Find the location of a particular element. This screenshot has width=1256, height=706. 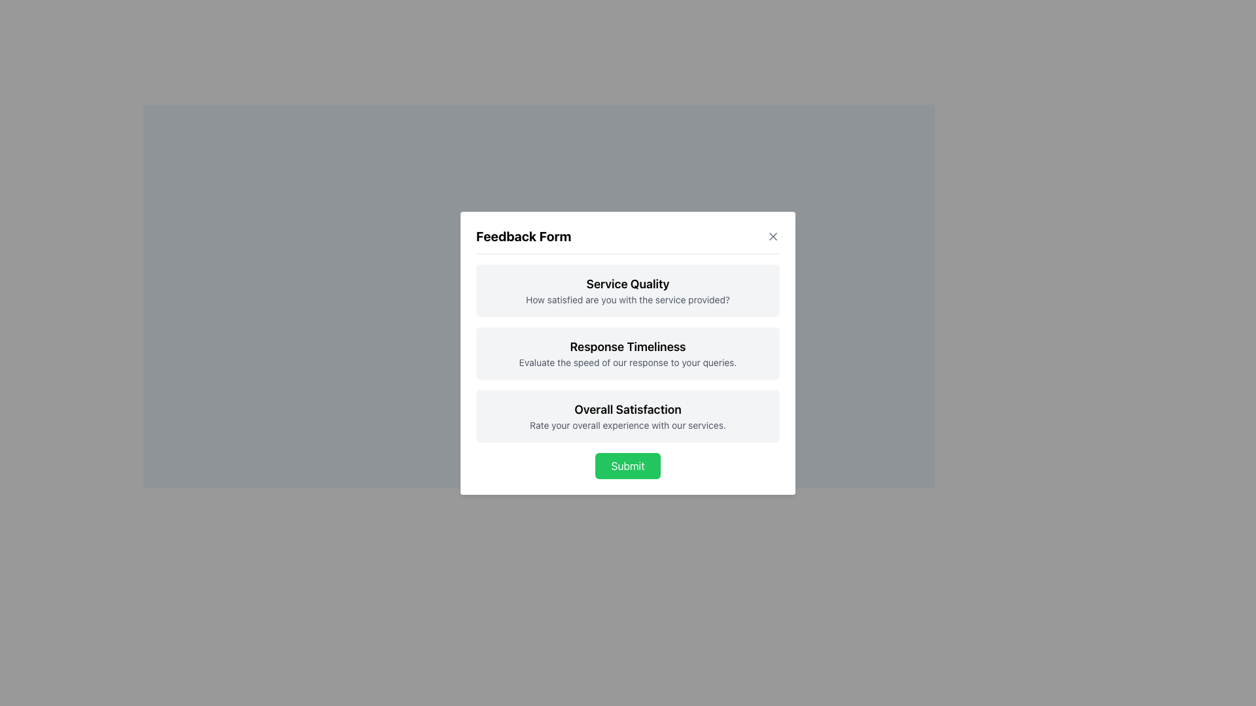

the close button located at the top-right corner of the Feedback Form modal is located at coordinates (773, 236).